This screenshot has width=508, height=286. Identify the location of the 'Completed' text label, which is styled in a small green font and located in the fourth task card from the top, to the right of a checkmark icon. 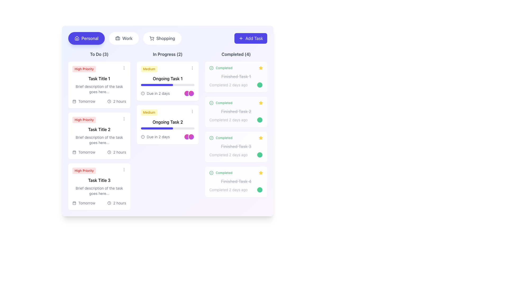
(224, 173).